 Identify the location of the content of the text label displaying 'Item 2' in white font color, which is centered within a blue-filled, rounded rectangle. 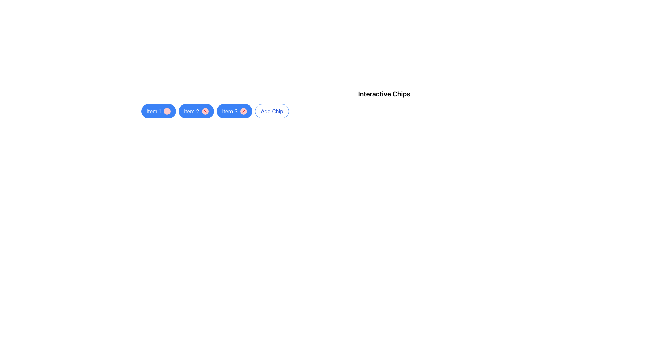
(191, 111).